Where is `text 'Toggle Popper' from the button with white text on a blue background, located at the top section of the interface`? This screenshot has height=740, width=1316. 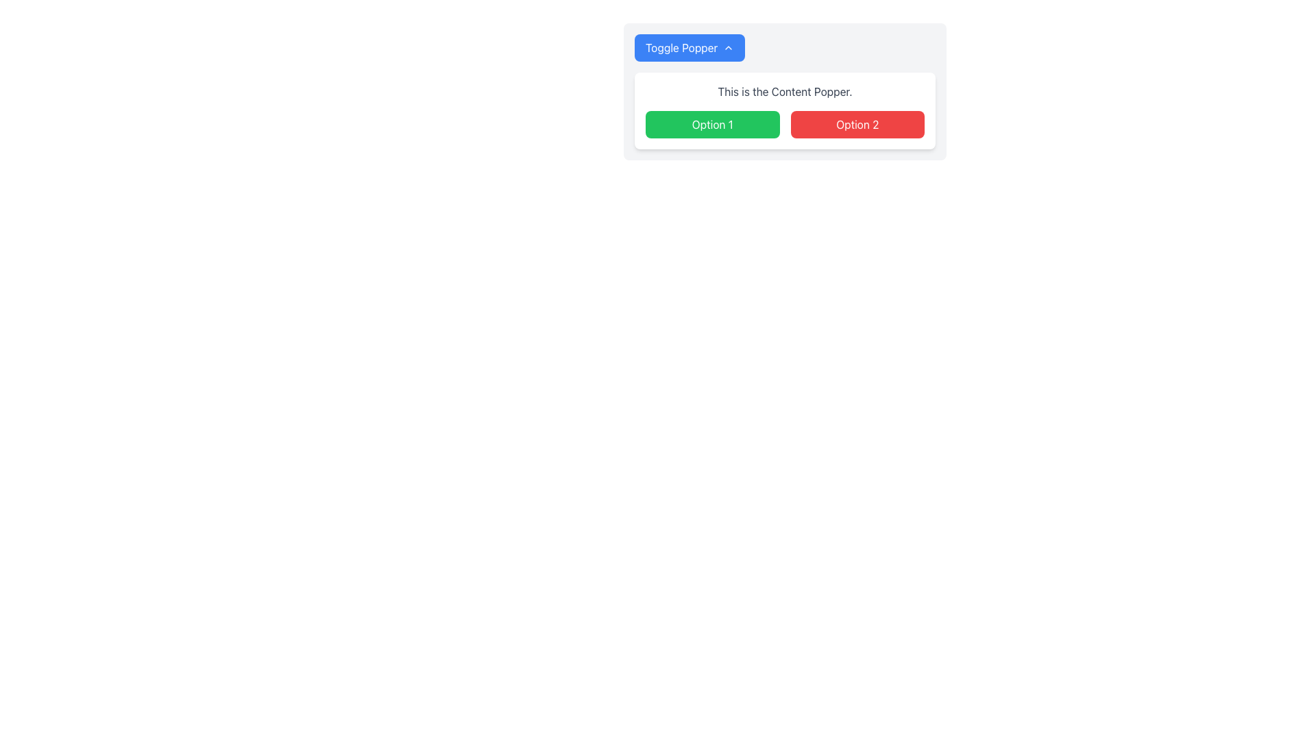 text 'Toggle Popper' from the button with white text on a blue background, located at the top section of the interface is located at coordinates (681, 47).